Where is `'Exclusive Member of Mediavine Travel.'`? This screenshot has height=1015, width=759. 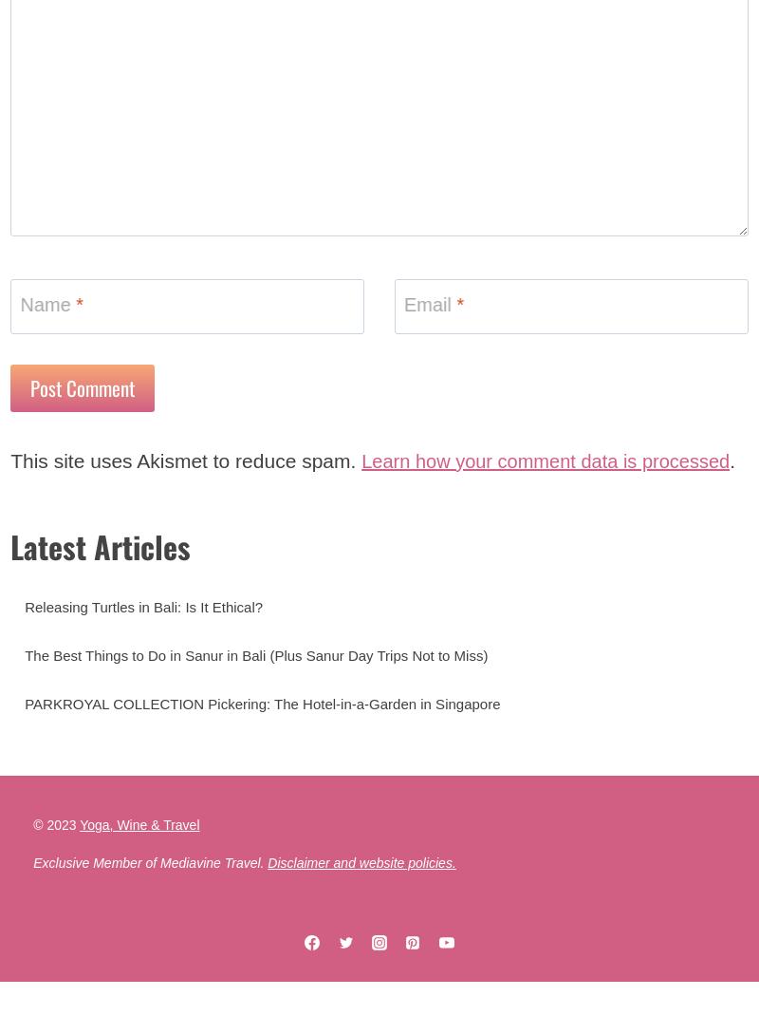 'Exclusive Member of Mediavine Travel.' is located at coordinates (150, 915).